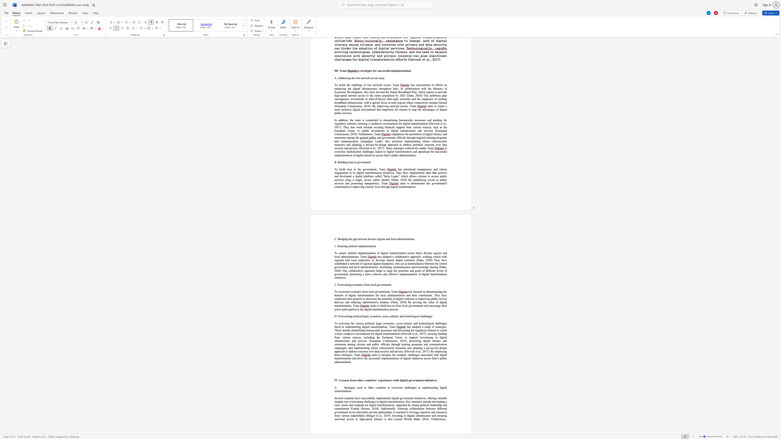  Describe the element at coordinates (431, 291) in the screenshot. I see `the subset text "ons" within the text "demonstrating"` at that location.